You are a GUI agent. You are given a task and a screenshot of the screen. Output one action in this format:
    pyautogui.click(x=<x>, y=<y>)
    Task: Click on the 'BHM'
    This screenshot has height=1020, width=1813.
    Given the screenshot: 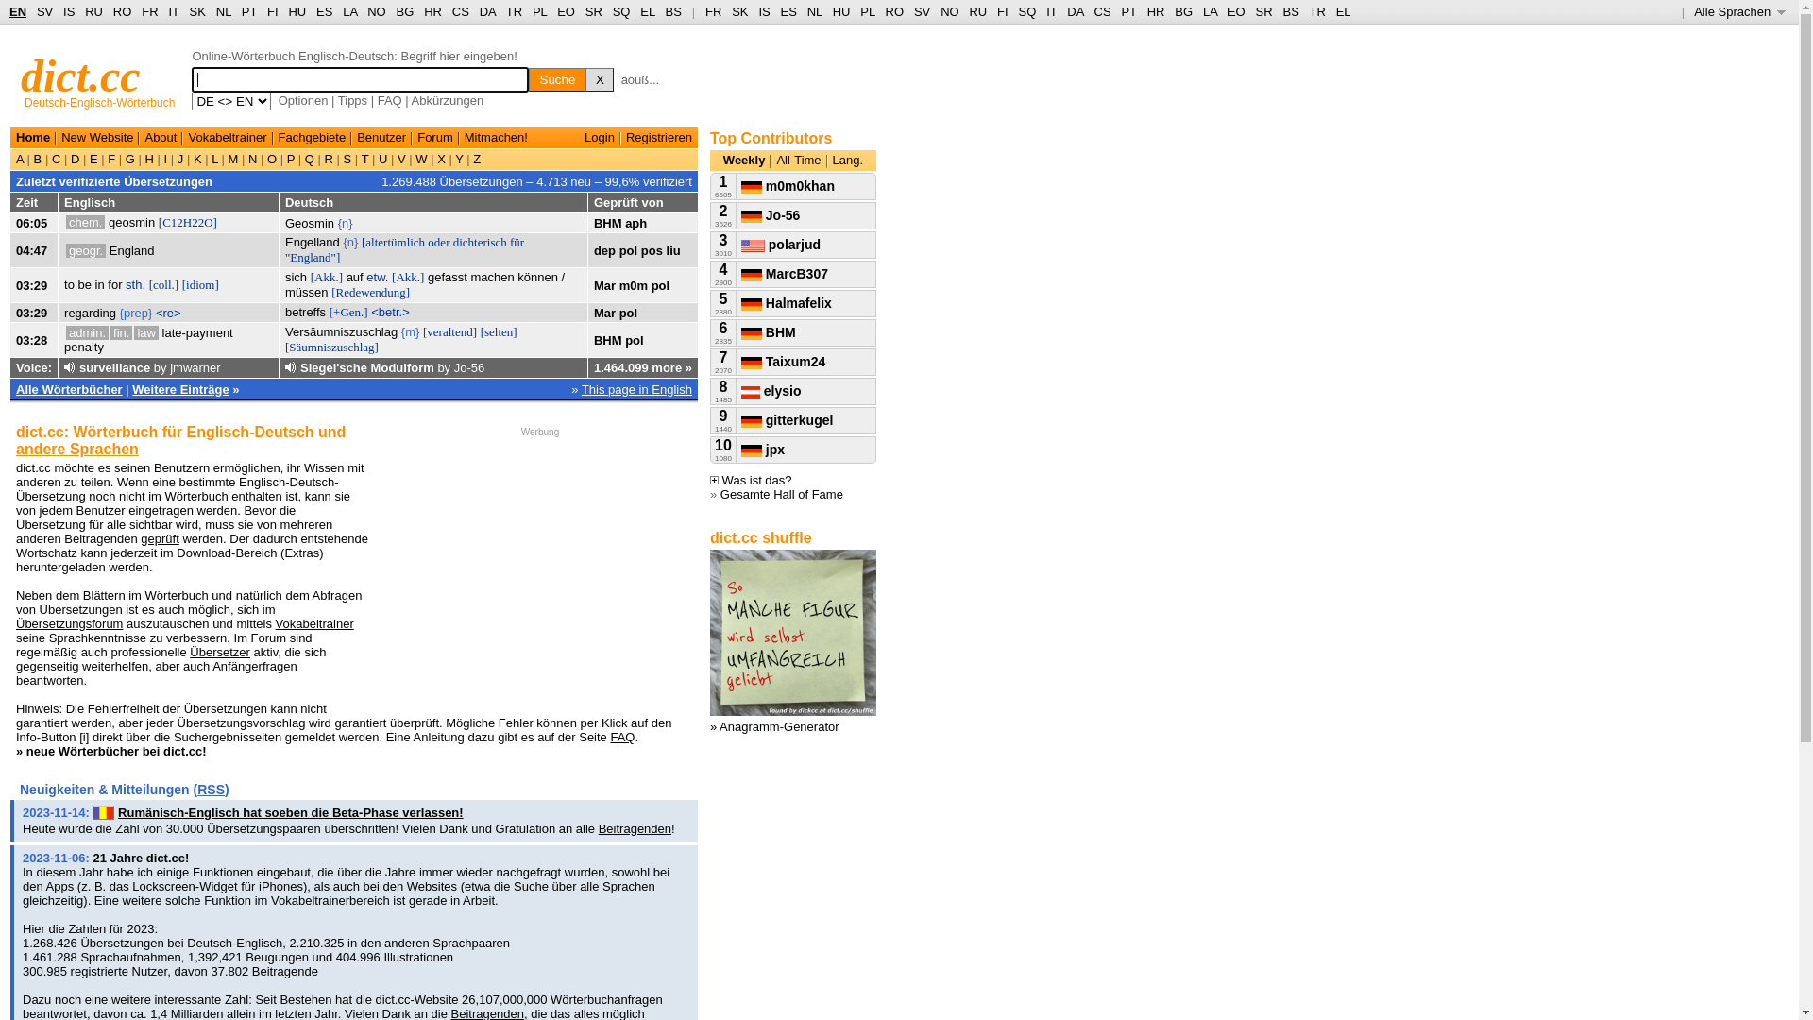 What is the action you would take?
    pyautogui.click(x=769, y=331)
    